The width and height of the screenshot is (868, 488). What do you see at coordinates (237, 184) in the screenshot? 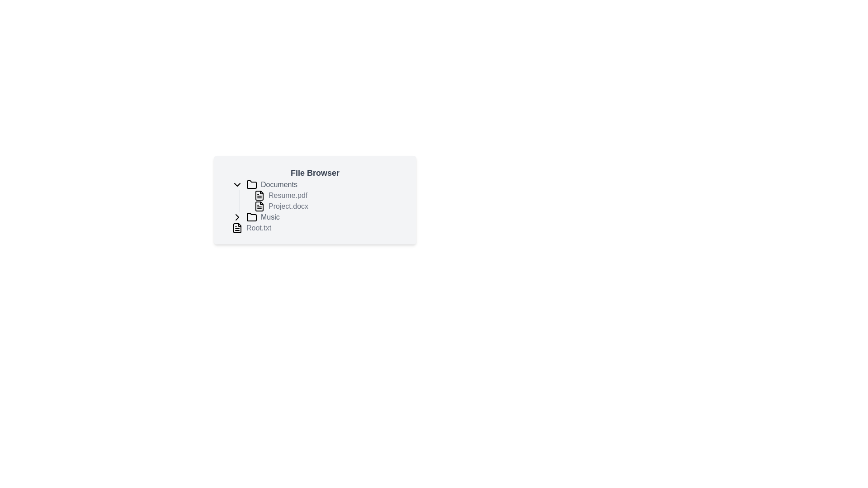
I see `the Chevron icon that serves as a collapsible toggle button for the 'Documents' folder` at bounding box center [237, 184].